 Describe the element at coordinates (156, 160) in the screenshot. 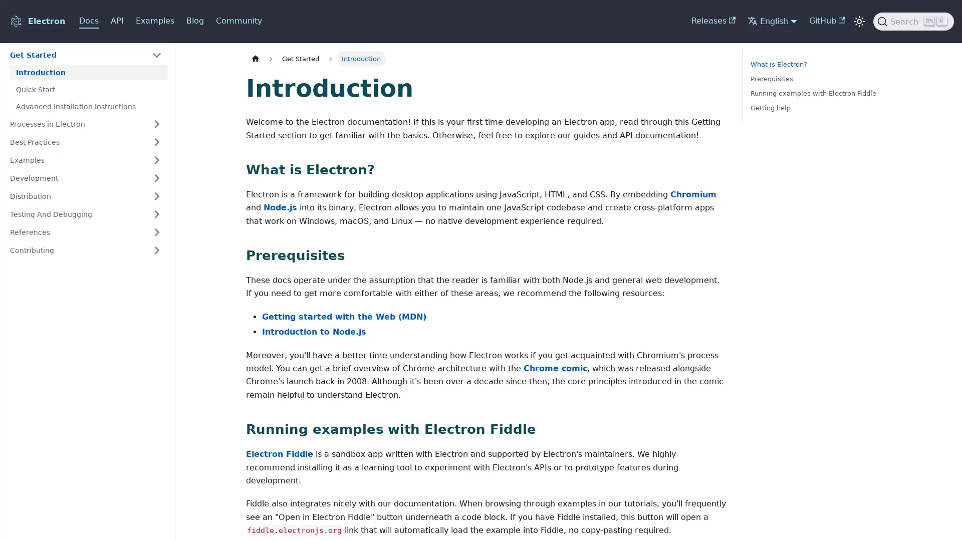

I see `Toggle the collapsible sidebar category 'Examples'` at that location.